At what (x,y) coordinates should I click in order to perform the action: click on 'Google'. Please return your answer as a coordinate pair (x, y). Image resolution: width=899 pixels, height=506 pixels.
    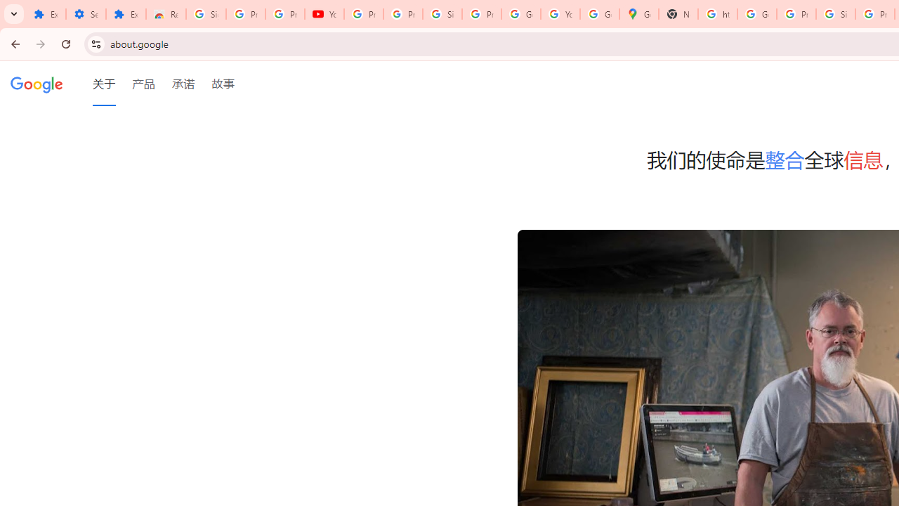
    Looking at the image, I should click on (37, 84).